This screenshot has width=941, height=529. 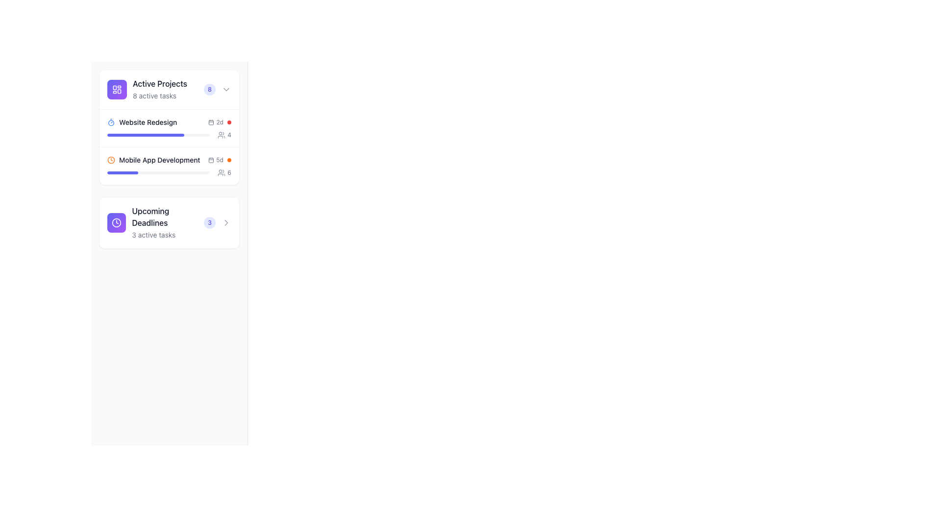 What do you see at coordinates (209, 223) in the screenshot?
I see `the content of the badge indicating the count of items or tasks related to the 'Upcoming Deadlines' section, located on the right side of the section adjacent to a right-pointing chevron icon` at bounding box center [209, 223].